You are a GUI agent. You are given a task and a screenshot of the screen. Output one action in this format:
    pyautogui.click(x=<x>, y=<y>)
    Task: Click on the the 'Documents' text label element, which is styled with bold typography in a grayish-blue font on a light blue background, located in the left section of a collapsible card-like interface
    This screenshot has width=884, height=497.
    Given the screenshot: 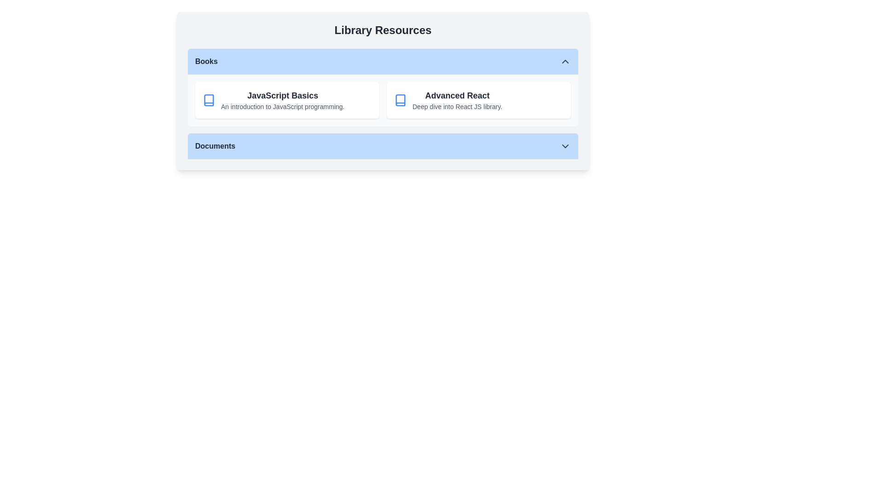 What is the action you would take?
    pyautogui.click(x=215, y=145)
    